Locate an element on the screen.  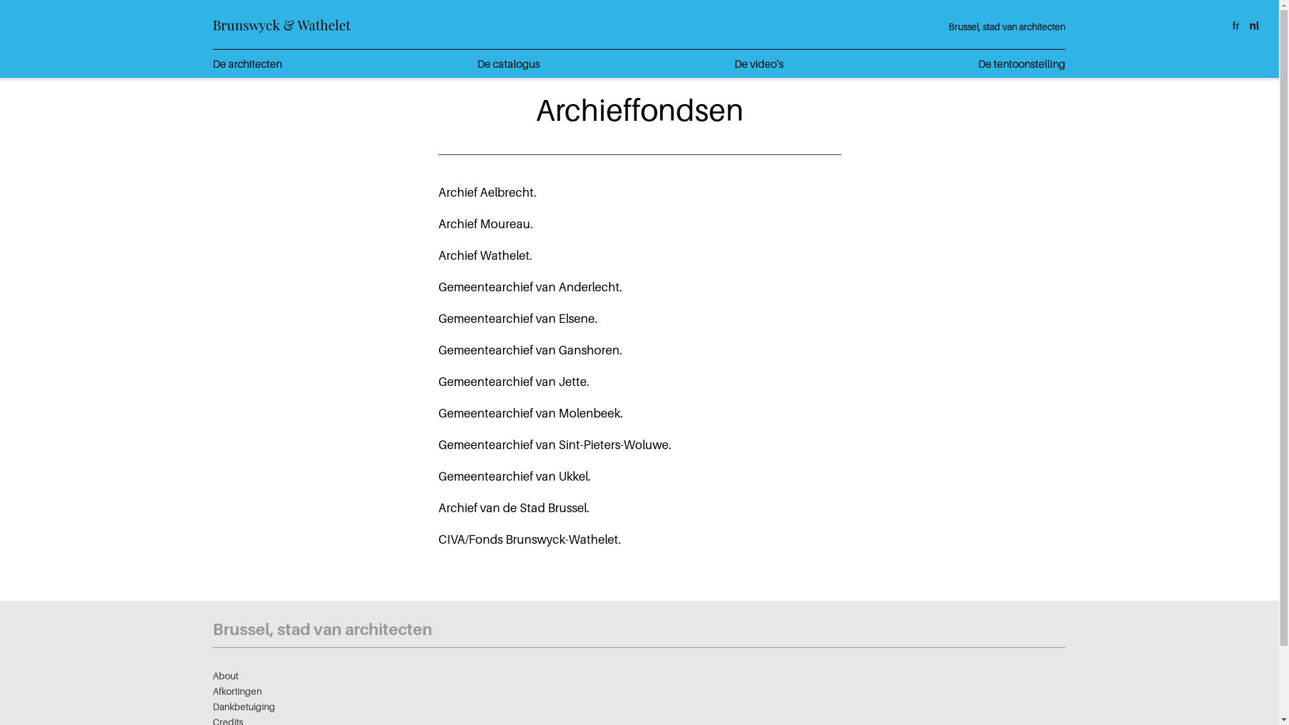
'About' is located at coordinates (226, 675).